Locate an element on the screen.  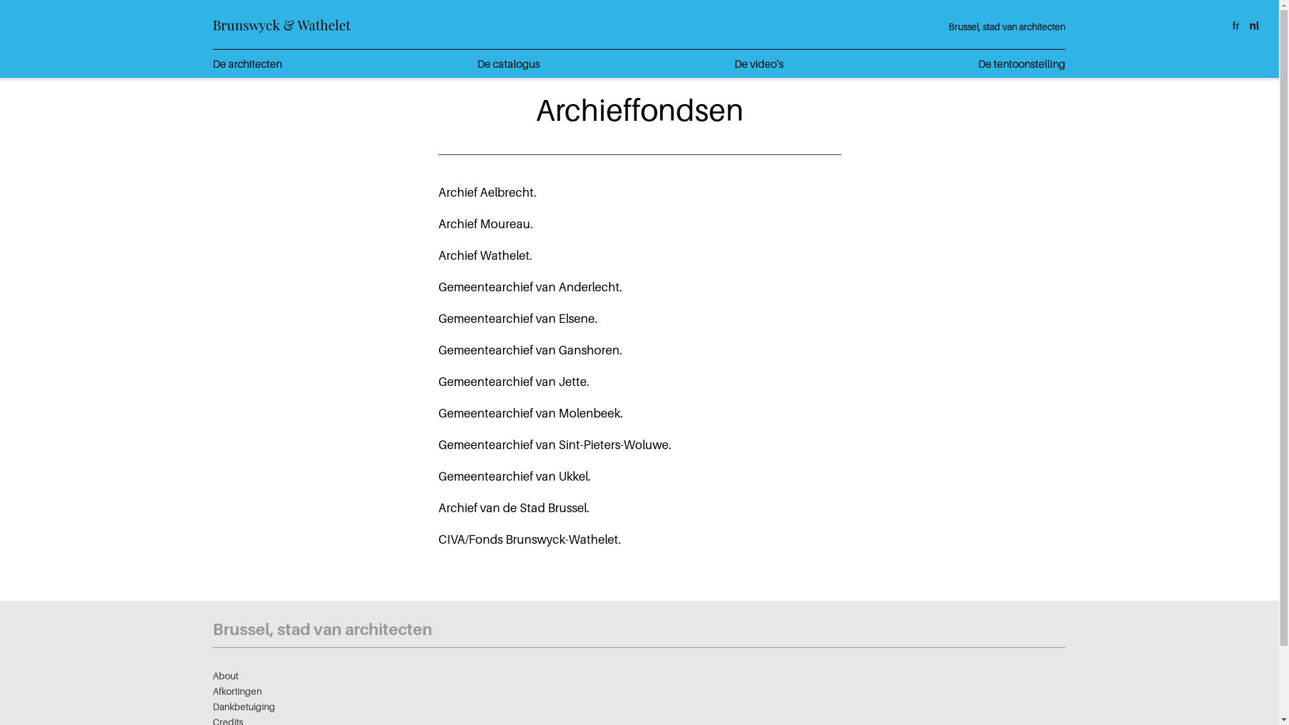
'About' is located at coordinates (226, 675).